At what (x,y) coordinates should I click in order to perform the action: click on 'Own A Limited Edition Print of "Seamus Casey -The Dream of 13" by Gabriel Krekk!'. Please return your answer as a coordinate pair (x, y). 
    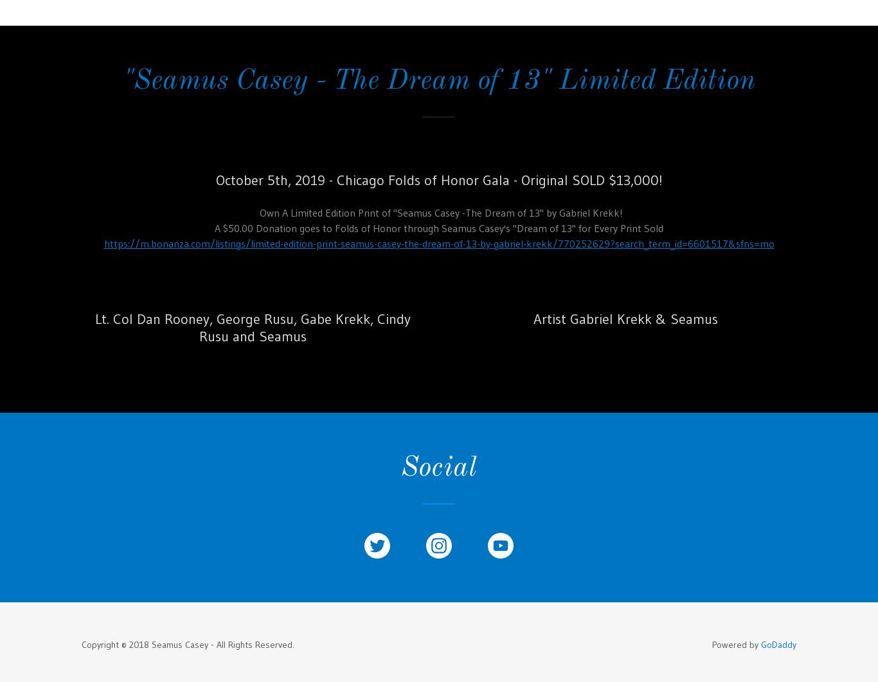
    Looking at the image, I should click on (254, 211).